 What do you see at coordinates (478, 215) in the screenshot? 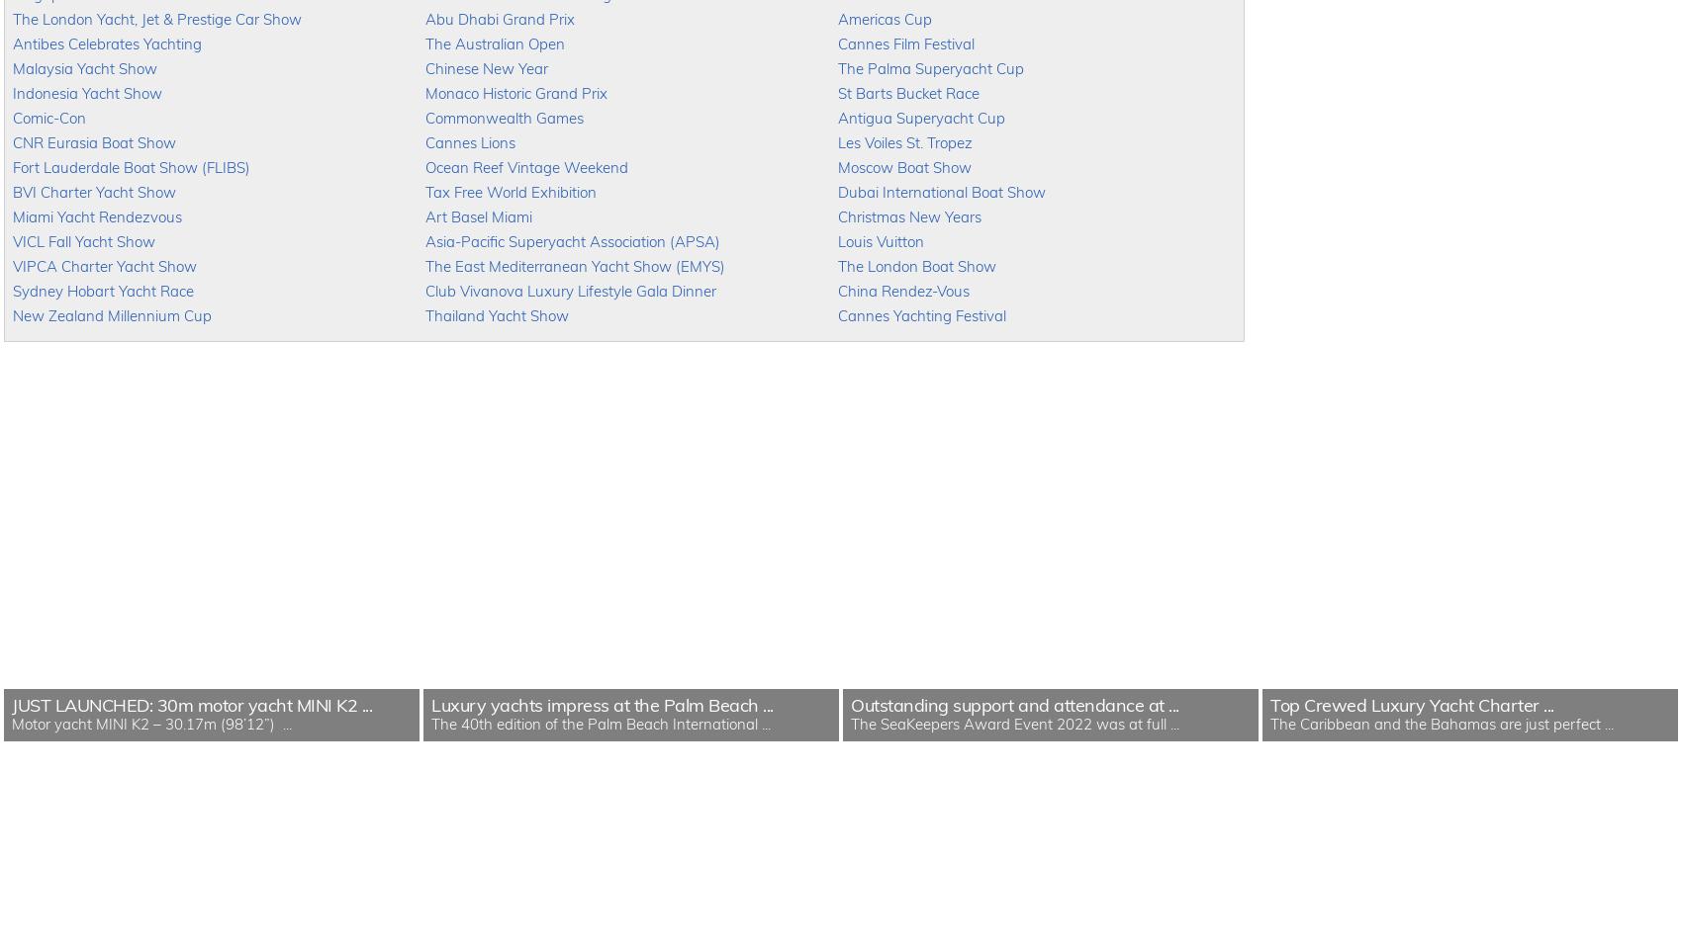
I see `'Art Basel Miami'` at bounding box center [478, 215].